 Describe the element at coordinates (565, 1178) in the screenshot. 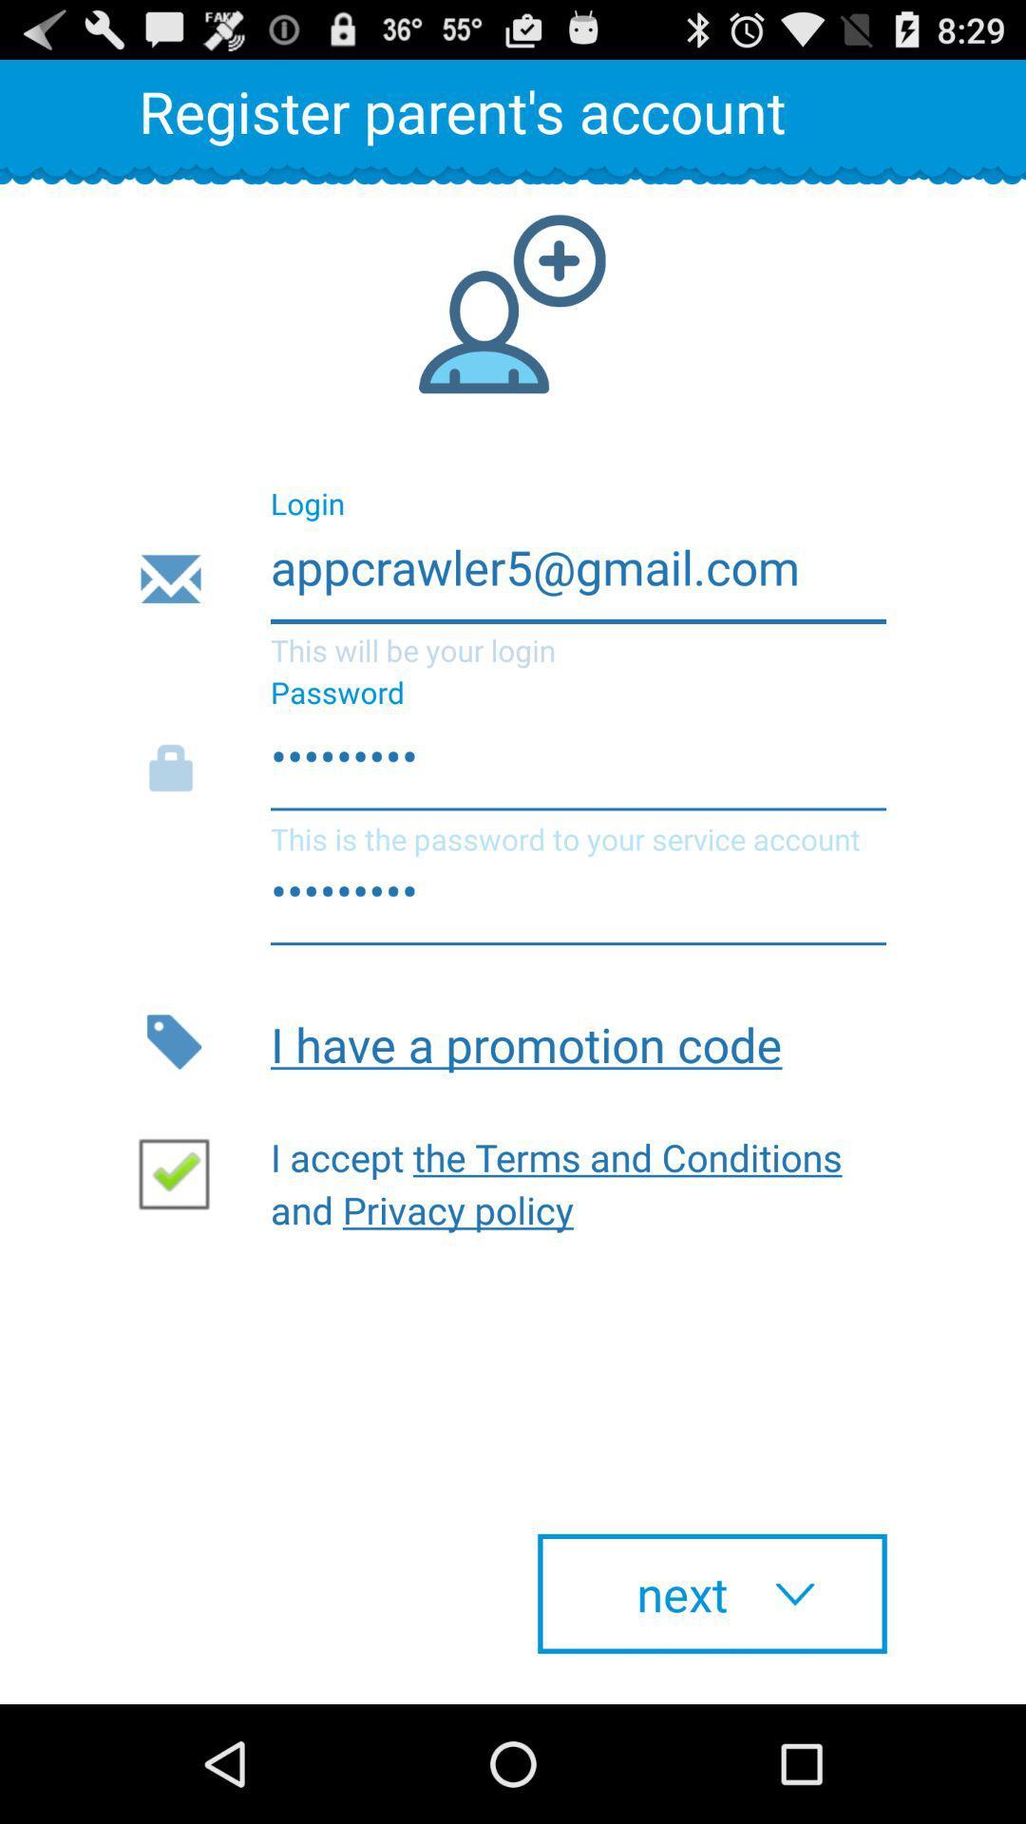

I see `2 lines text above next button on the page` at that location.